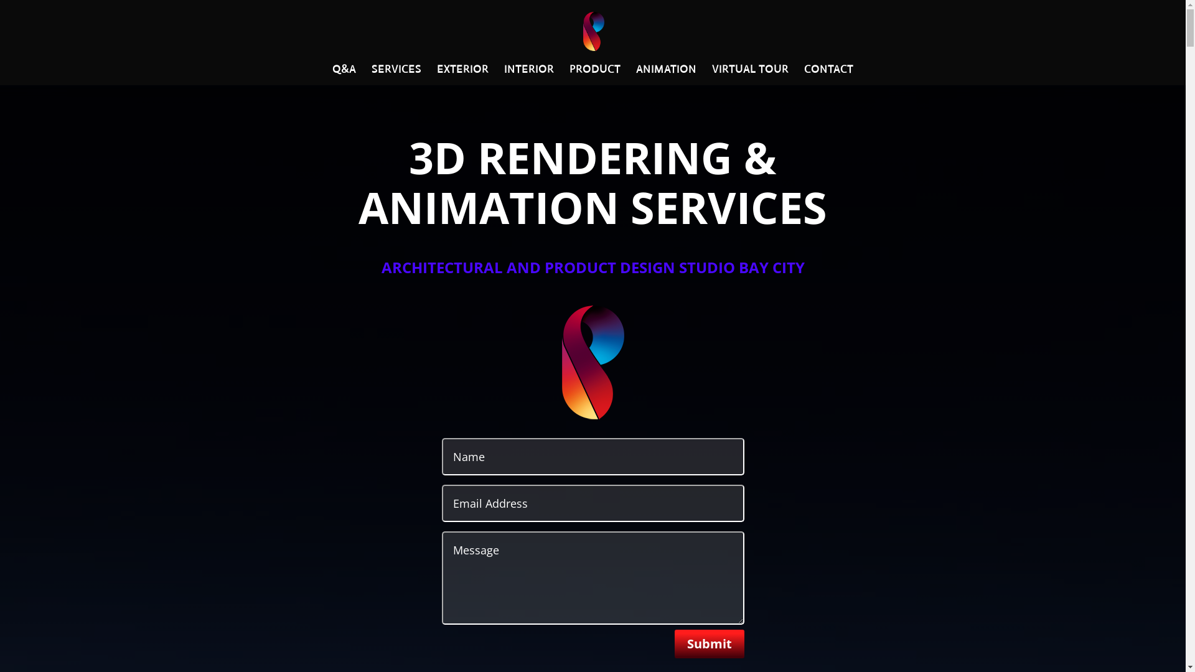  Describe the element at coordinates (344, 75) in the screenshot. I see `'Q&A'` at that location.